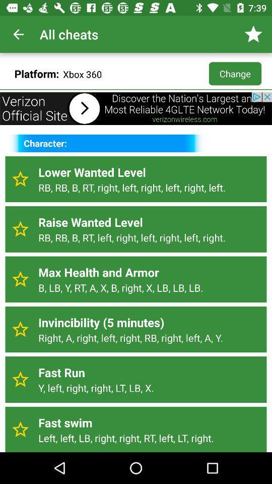 The height and width of the screenshot is (484, 272). I want to click on rating, so click(20, 179).